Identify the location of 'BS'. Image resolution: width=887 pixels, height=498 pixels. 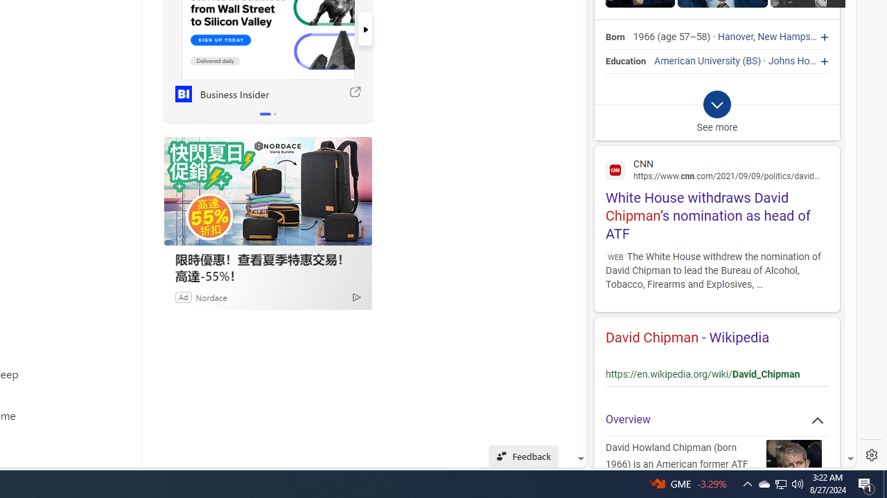
(751, 60).